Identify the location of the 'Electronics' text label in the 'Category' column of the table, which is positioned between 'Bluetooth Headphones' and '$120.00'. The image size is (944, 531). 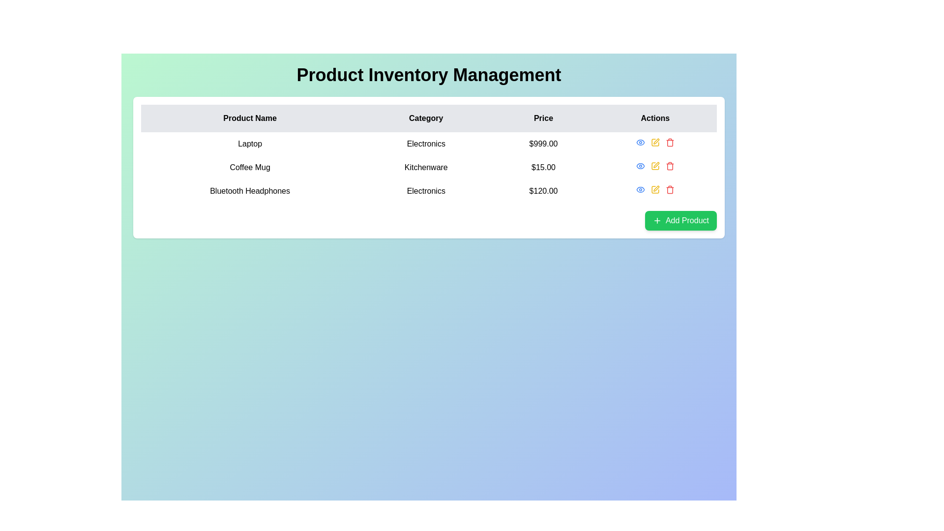
(426, 191).